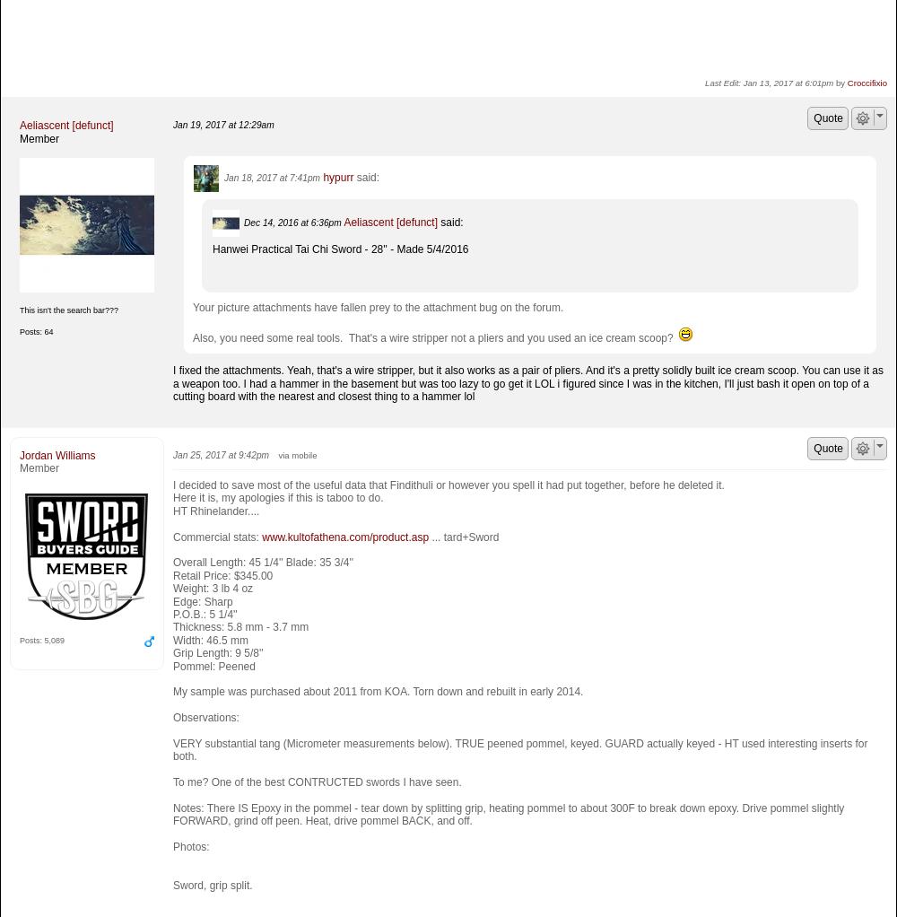 This screenshot has height=917, width=897. I want to click on 'P.O.B.: 5 1/4''', so click(204, 614).